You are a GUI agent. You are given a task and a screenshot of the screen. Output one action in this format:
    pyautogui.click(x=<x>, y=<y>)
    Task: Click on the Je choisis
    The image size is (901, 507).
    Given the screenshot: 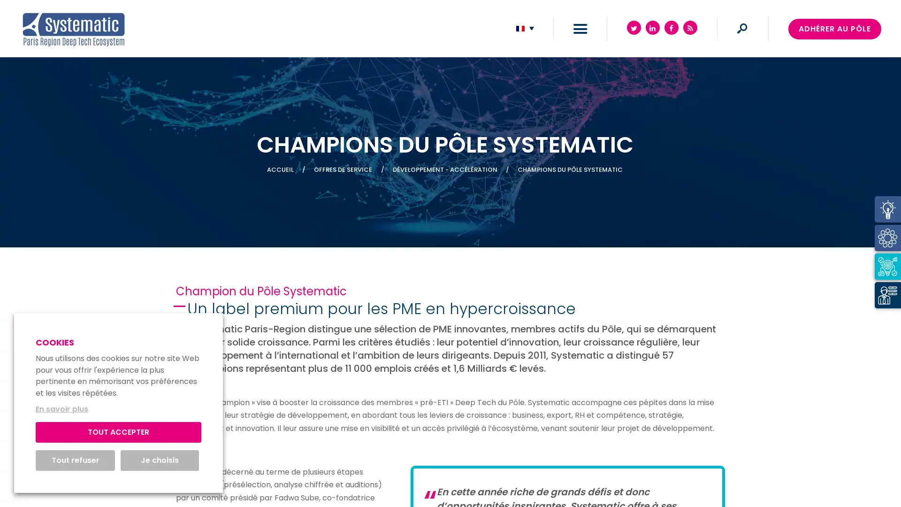 What is the action you would take?
    pyautogui.click(x=160, y=460)
    